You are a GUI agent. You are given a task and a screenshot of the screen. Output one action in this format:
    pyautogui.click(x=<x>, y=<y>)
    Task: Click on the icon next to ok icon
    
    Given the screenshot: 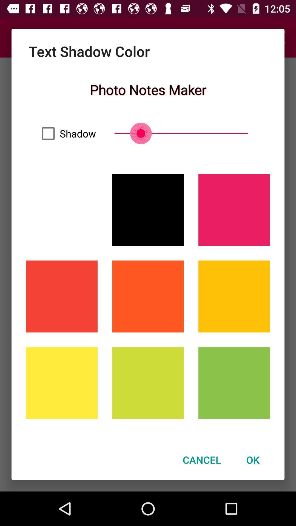 What is the action you would take?
    pyautogui.click(x=202, y=460)
    